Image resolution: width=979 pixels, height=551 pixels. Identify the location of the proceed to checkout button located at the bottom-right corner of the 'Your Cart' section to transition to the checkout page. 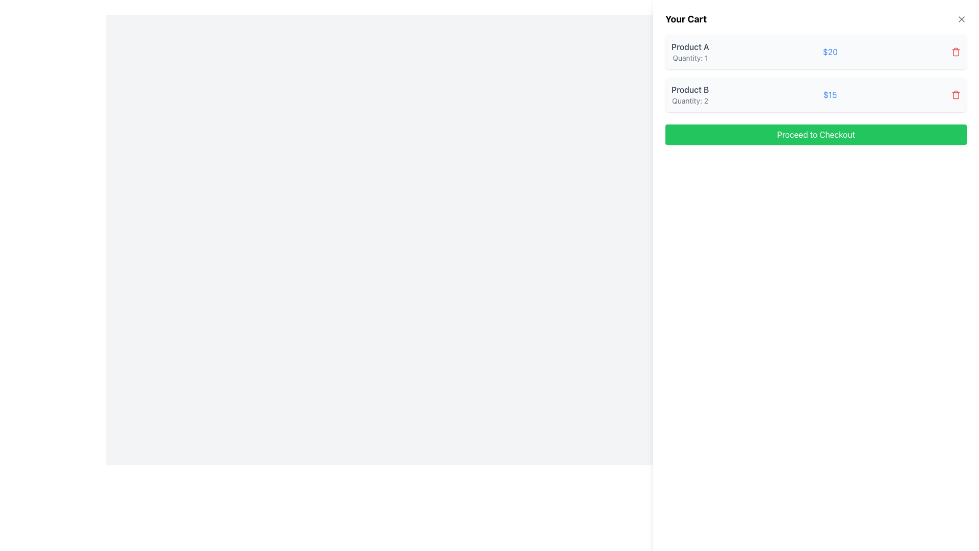
(815, 134).